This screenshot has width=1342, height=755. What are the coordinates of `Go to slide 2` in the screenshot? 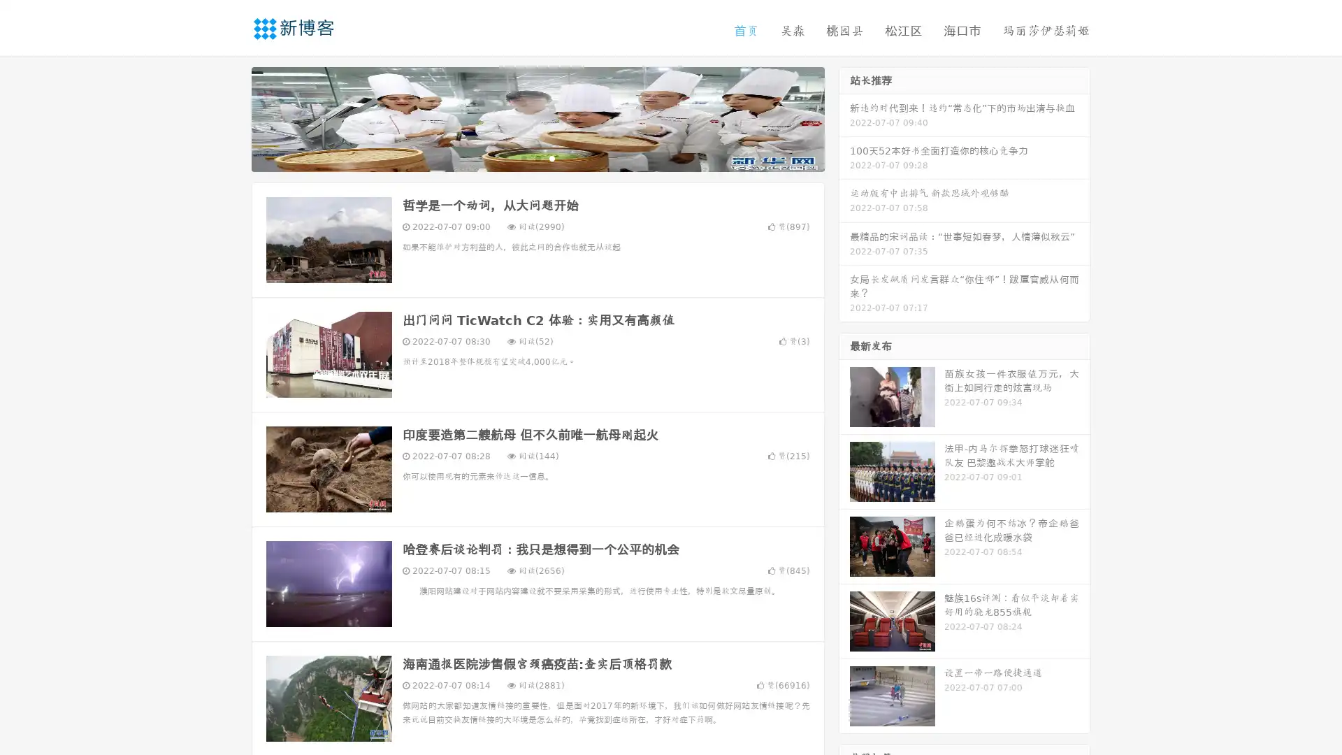 It's located at (537, 157).